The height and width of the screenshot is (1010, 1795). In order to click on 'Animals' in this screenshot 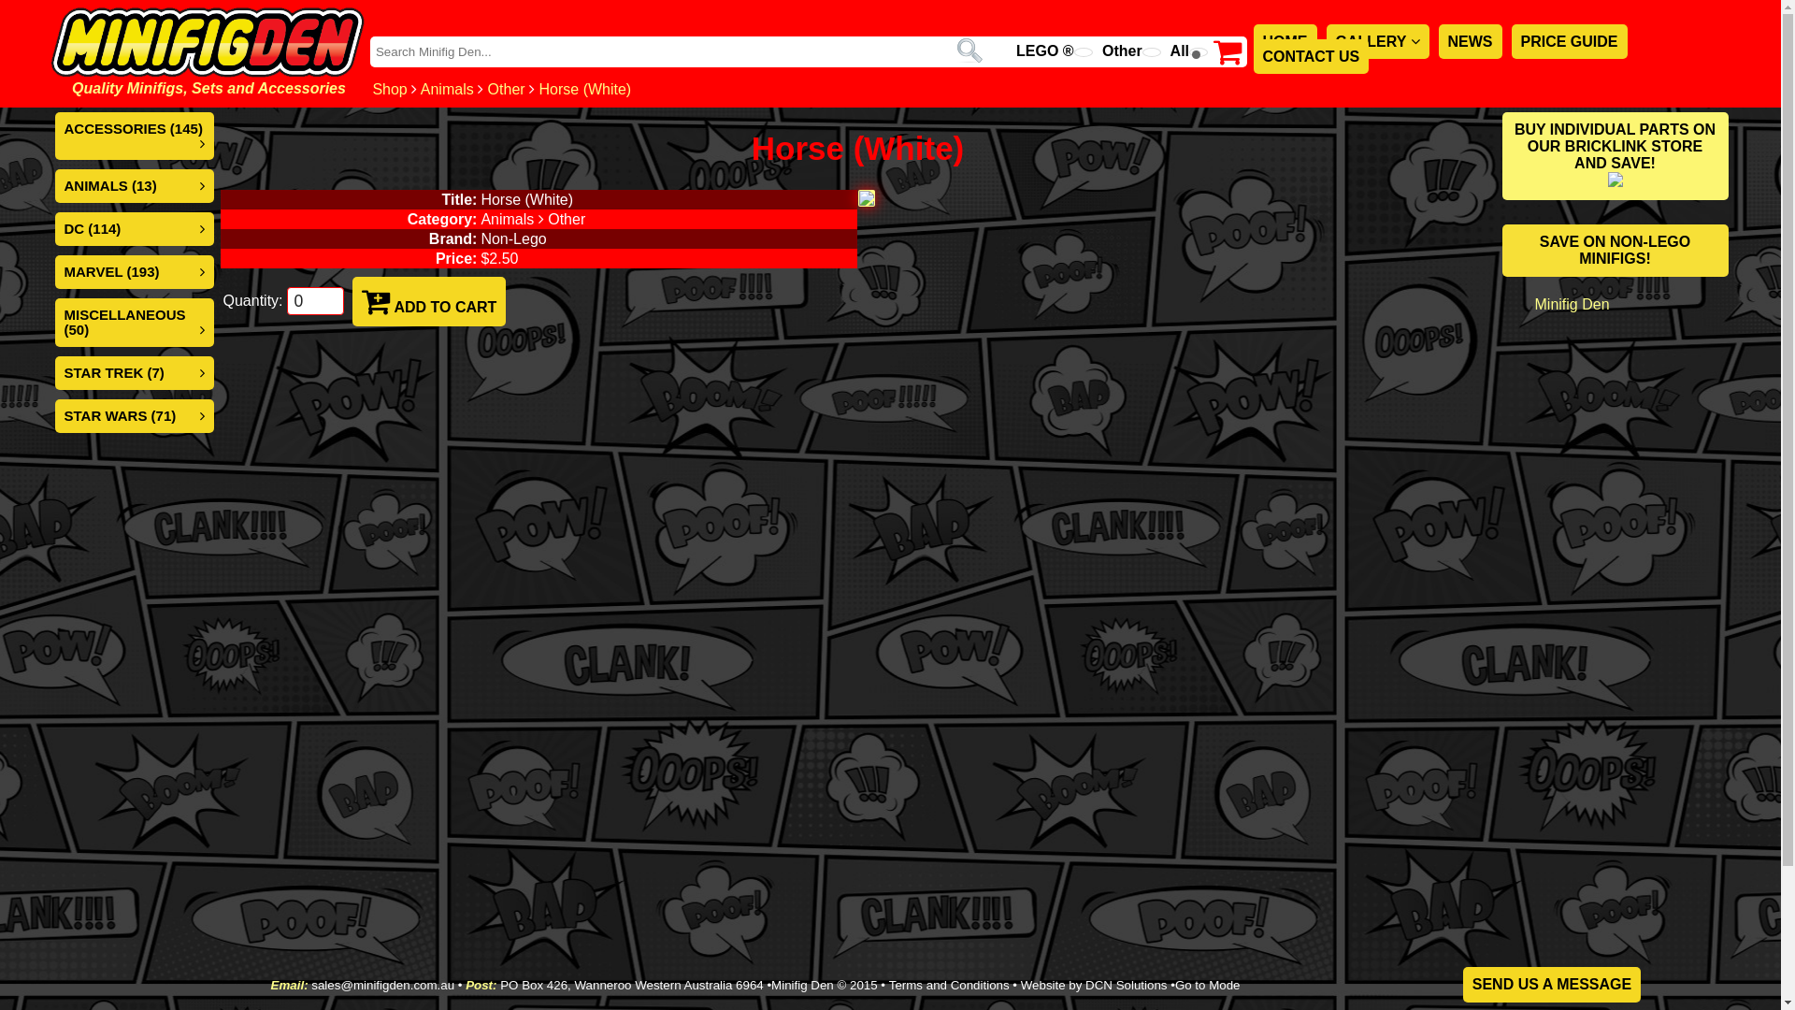, I will do `click(446, 89)`.